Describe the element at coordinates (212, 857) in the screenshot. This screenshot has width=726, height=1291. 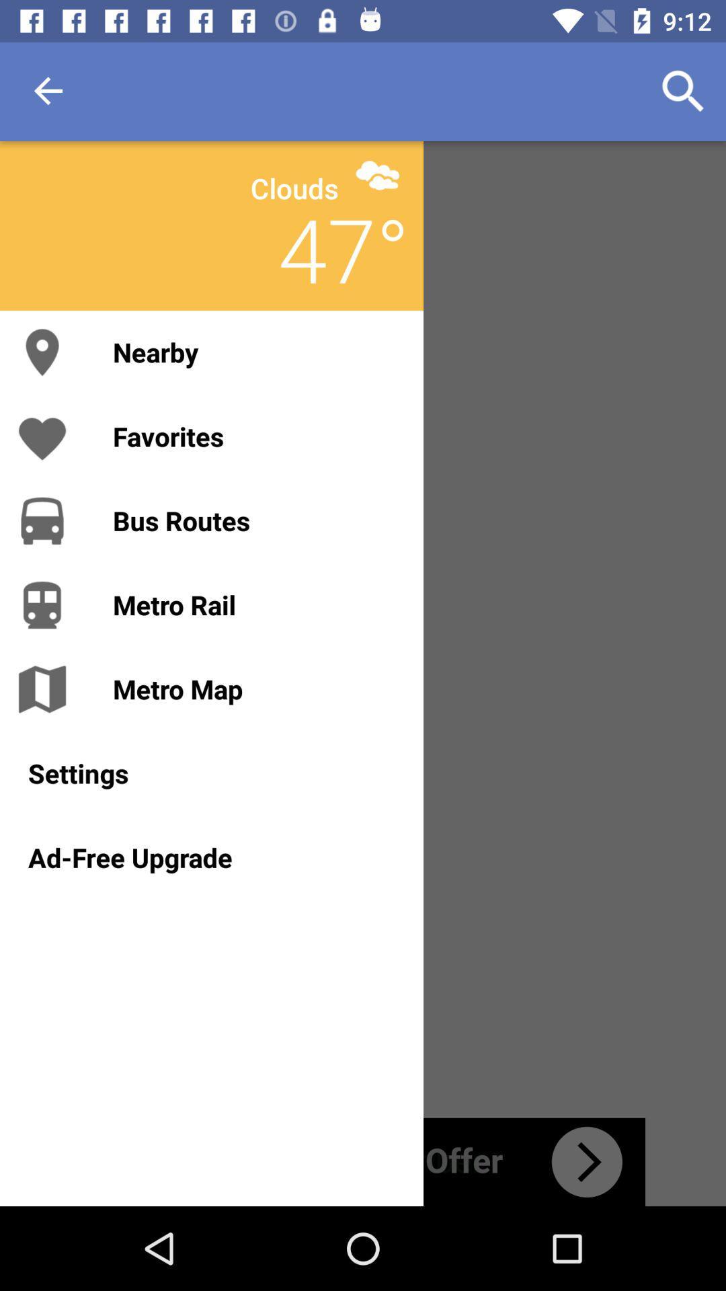
I see `icon below the settings` at that location.